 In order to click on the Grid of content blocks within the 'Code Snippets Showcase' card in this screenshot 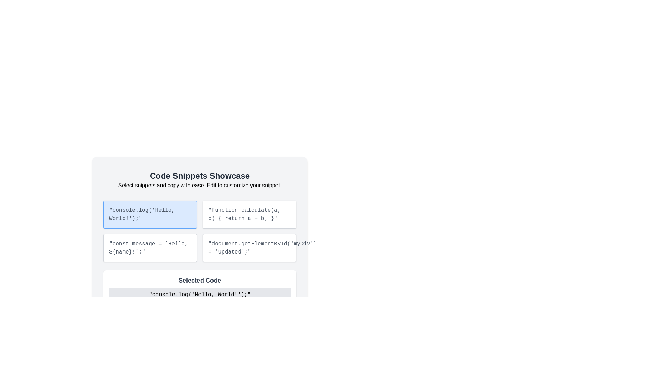, I will do `click(199, 231)`.